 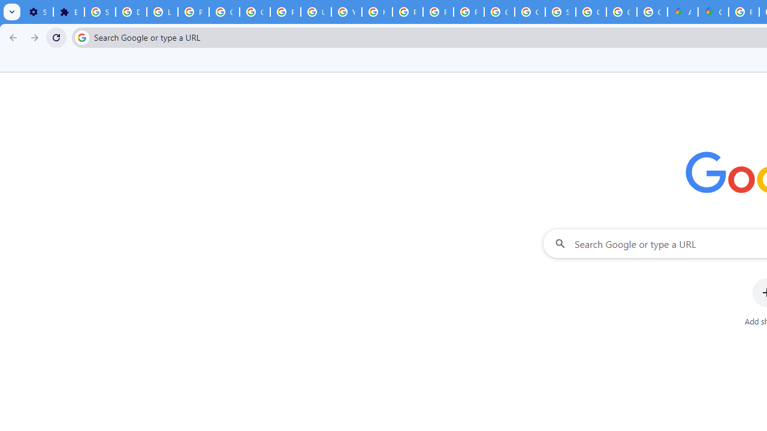 I want to click on 'Google Account Help', so click(x=253, y=12).